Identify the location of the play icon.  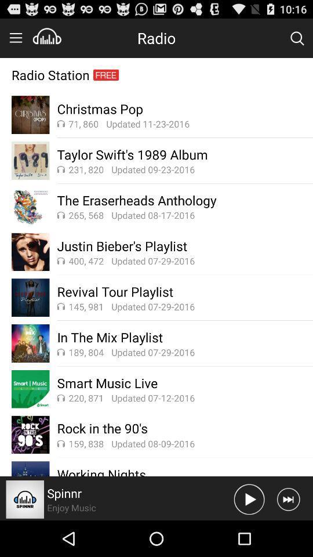
(249, 534).